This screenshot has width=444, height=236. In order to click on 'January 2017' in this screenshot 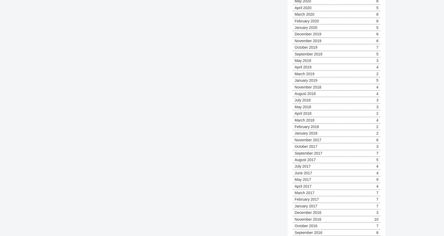, I will do `click(306, 206)`.